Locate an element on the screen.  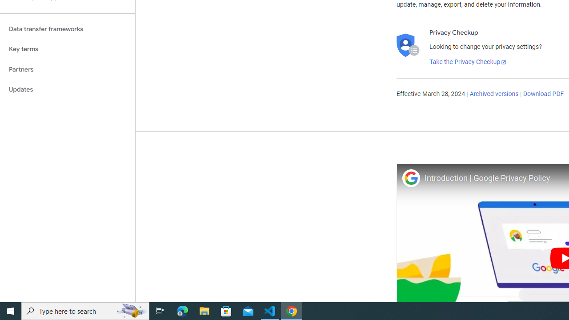
'Take the Privacy Checkup' is located at coordinates (468, 62).